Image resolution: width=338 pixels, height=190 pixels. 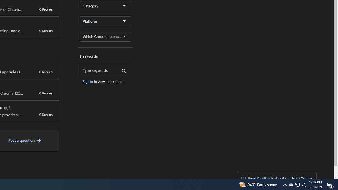 What do you see at coordinates (105, 6) in the screenshot?
I see `'Category'` at bounding box center [105, 6].